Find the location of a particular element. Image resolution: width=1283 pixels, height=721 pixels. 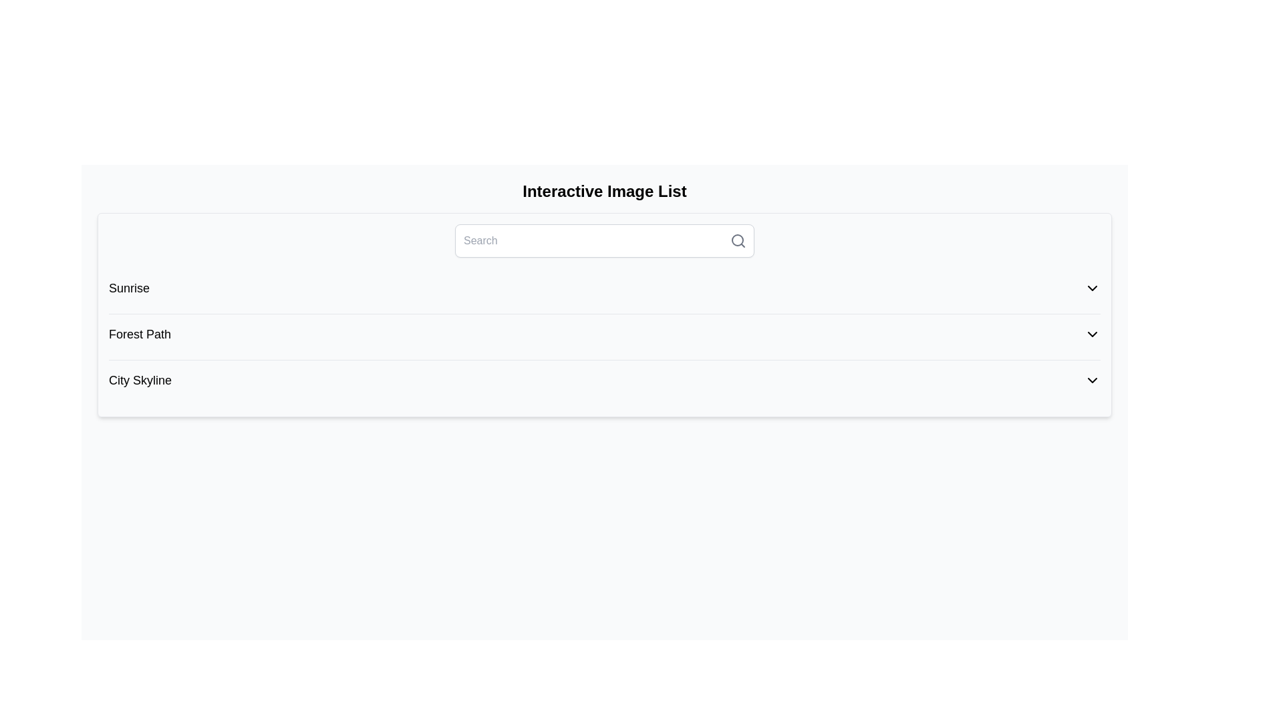

the 'City Skyline' button located at the bottom of the list is located at coordinates (604, 381).